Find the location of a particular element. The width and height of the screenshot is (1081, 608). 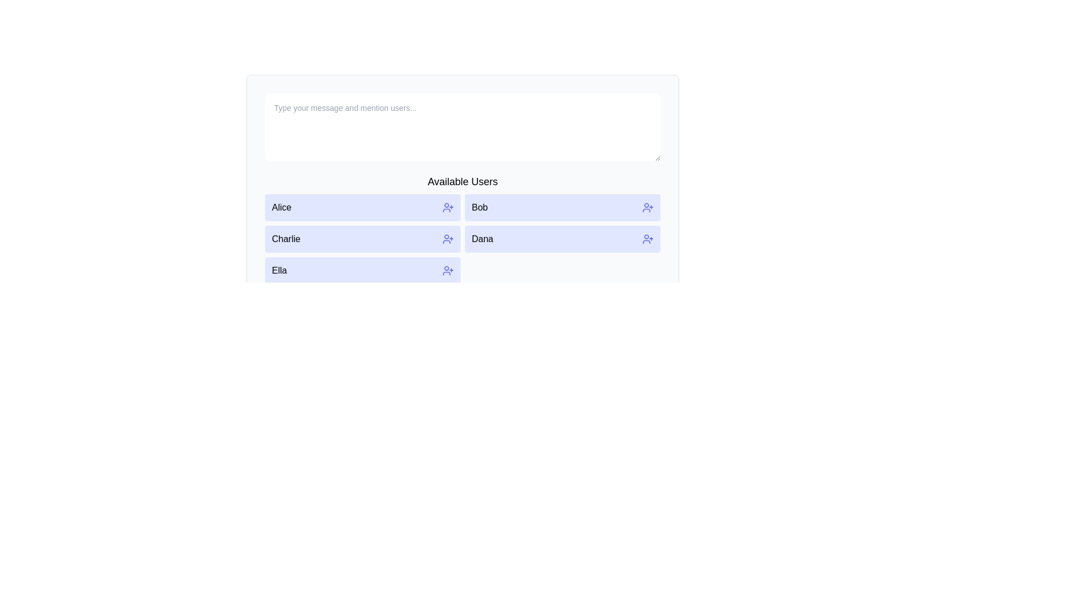

text label 'Available Users' which is a bold section header located at the top of the user cards section, centered horizontally in the interface is located at coordinates (462, 181).